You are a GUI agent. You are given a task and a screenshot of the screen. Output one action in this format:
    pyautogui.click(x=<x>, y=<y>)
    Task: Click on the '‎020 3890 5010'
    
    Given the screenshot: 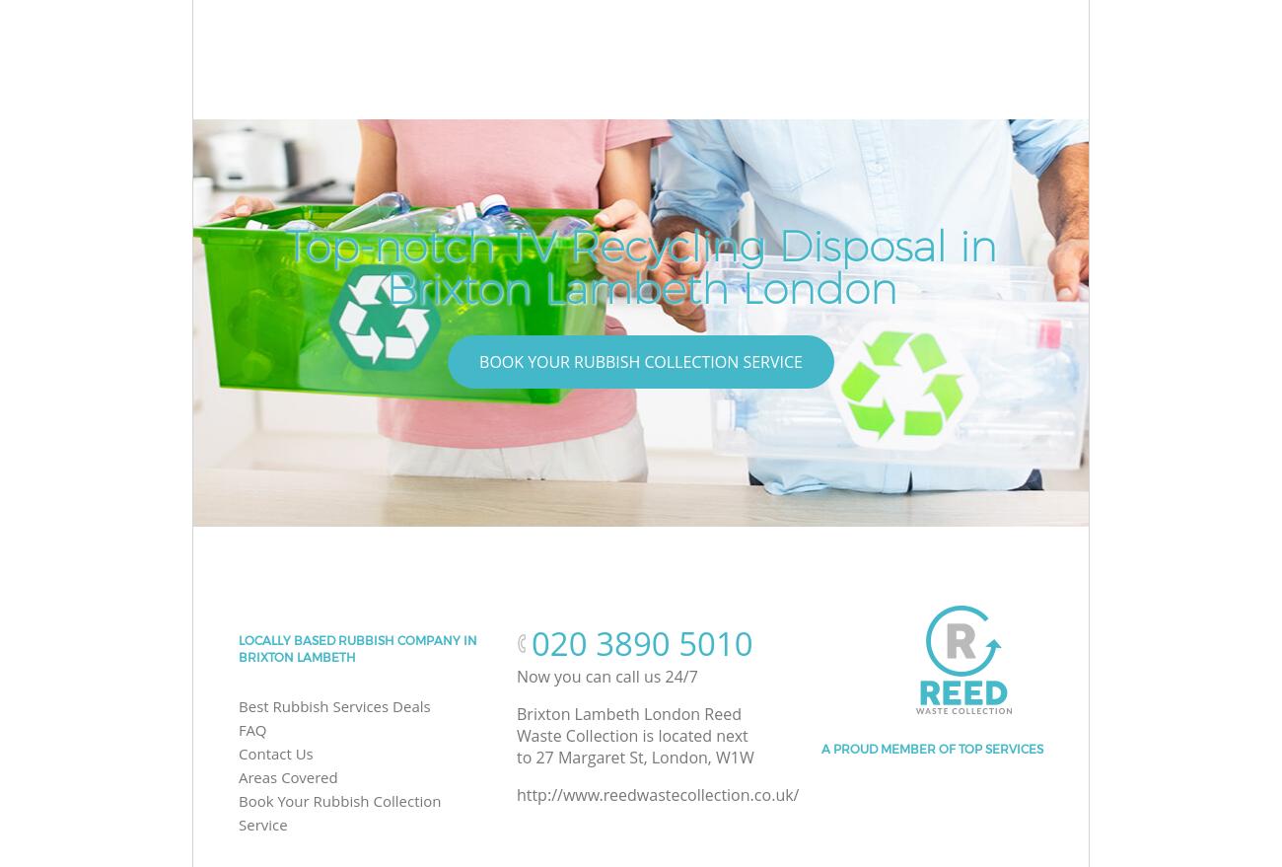 What is the action you would take?
    pyautogui.click(x=641, y=642)
    